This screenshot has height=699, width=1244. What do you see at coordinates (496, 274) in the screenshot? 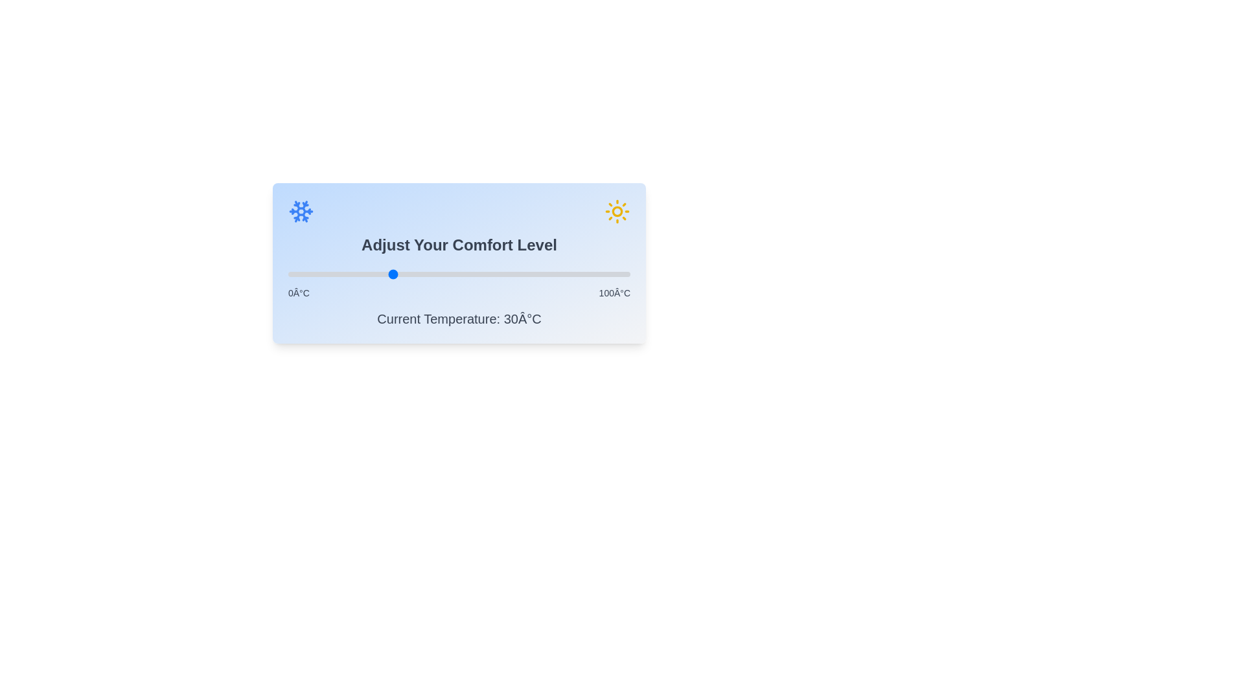
I see `the comfort level slider to set the temperature to 61 degrees Celsius` at bounding box center [496, 274].